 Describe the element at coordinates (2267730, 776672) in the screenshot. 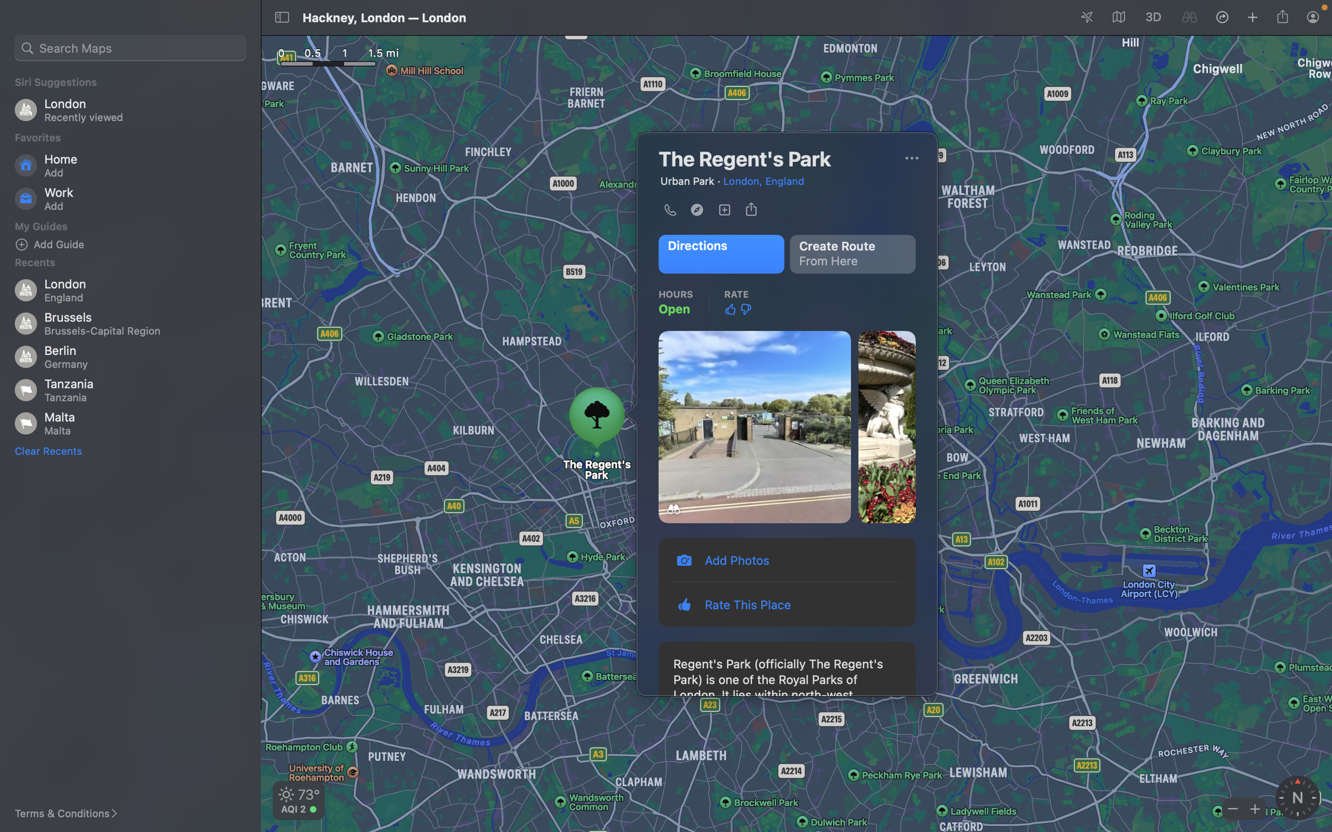

I see `read description of the Regents park` at that location.